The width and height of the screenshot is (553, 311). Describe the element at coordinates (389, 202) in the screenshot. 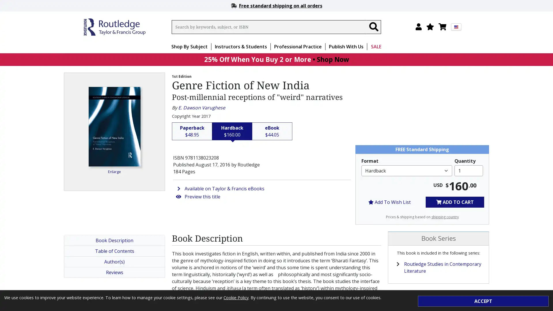

I see `Add To Wish List` at that location.